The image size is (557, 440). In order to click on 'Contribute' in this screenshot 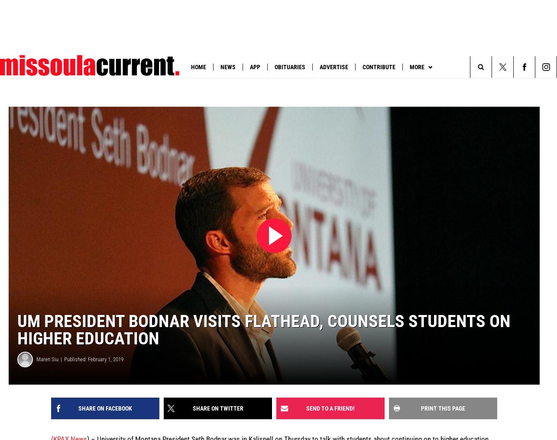, I will do `click(363, 66)`.